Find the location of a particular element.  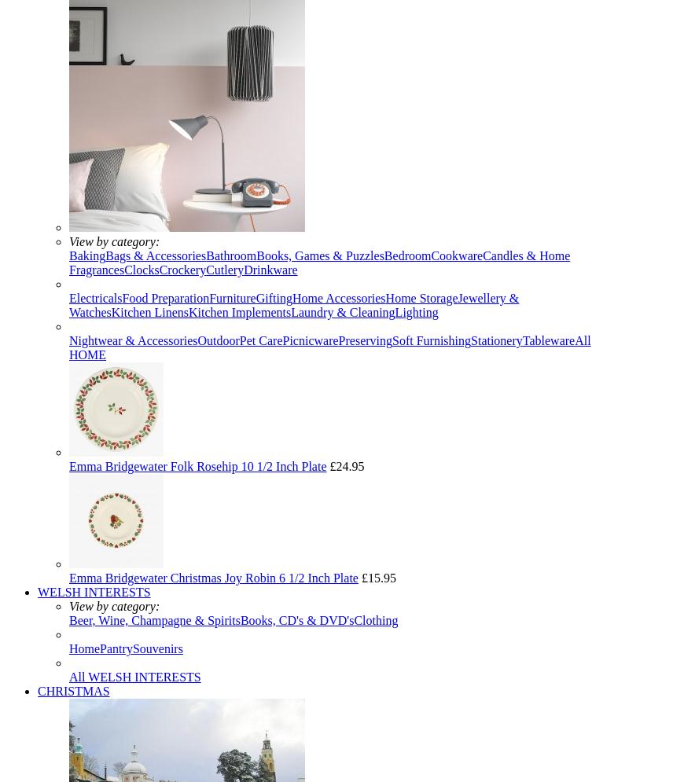

'Kitchen Implements' is located at coordinates (239, 312).